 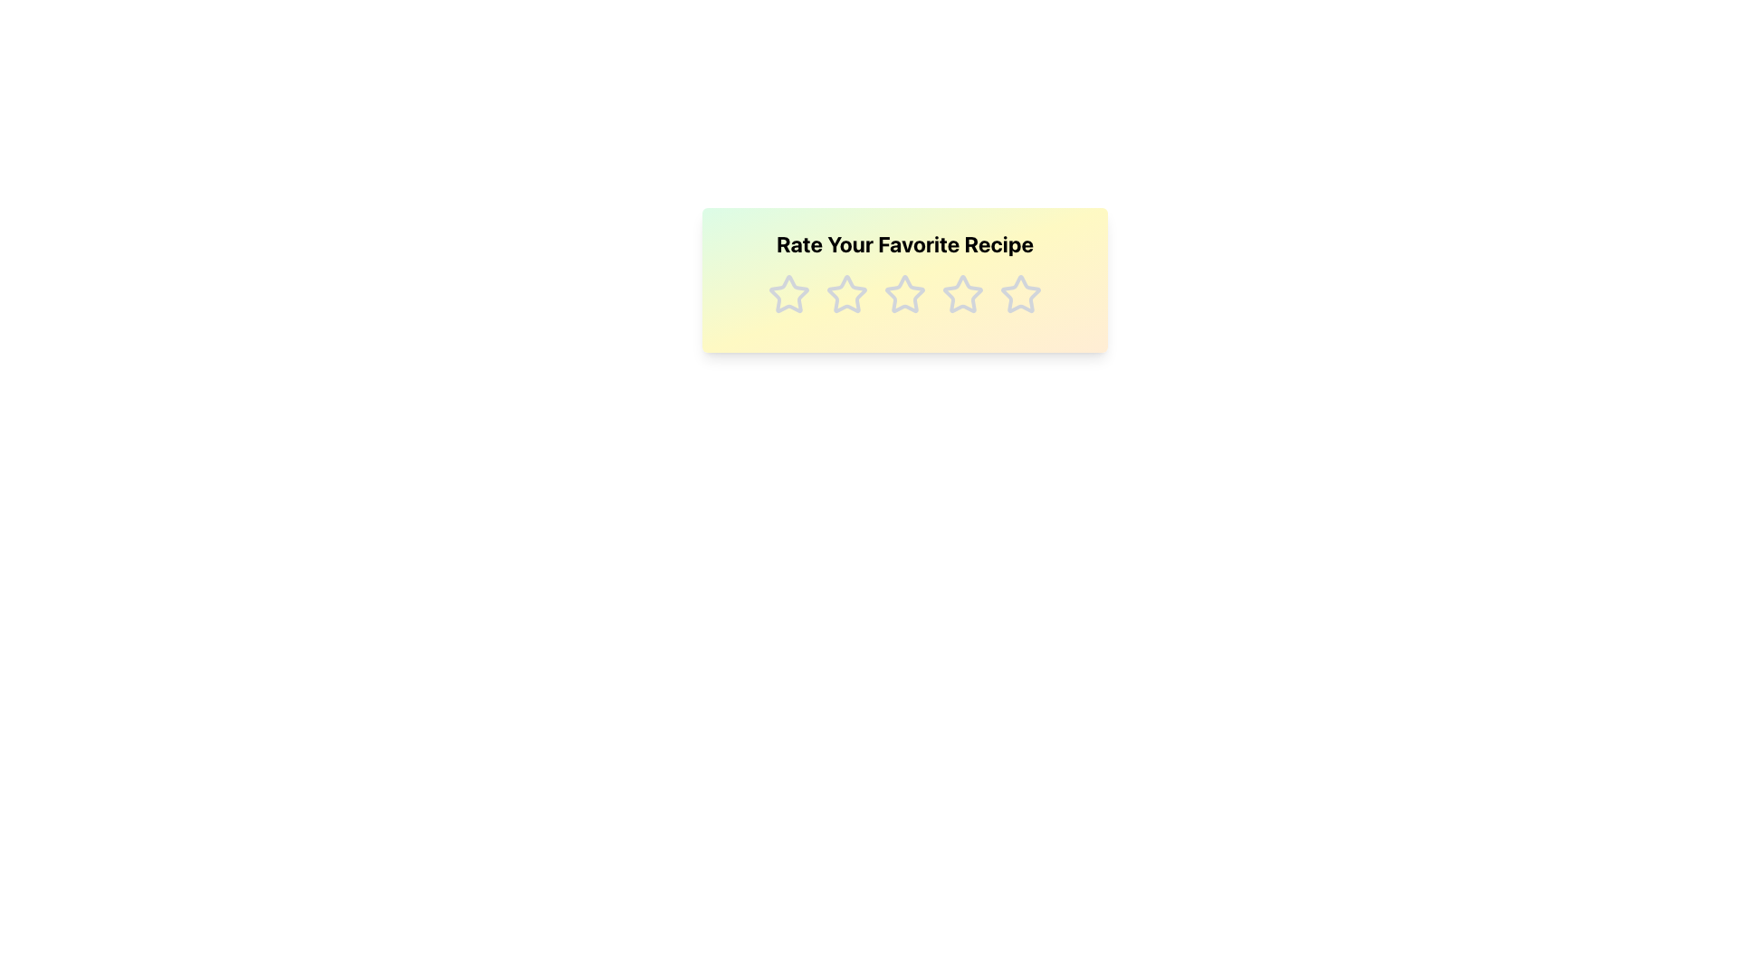 What do you see at coordinates (789, 293) in the screenshot?
I see `the first star-shaped icon in the rating interface, located beneath the label 'Rate Your Favorite Recipe'` at bounding box center [789, 293].